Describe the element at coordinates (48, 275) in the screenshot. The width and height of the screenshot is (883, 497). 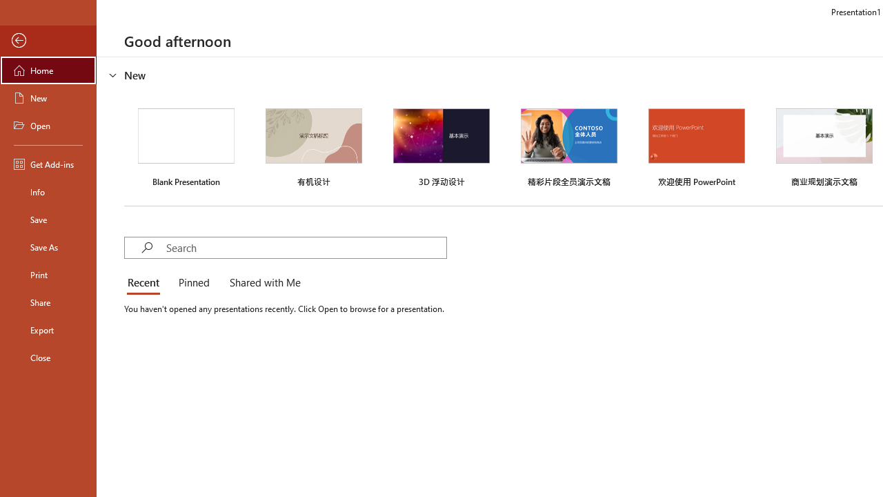
I see `'Print'` at that location.